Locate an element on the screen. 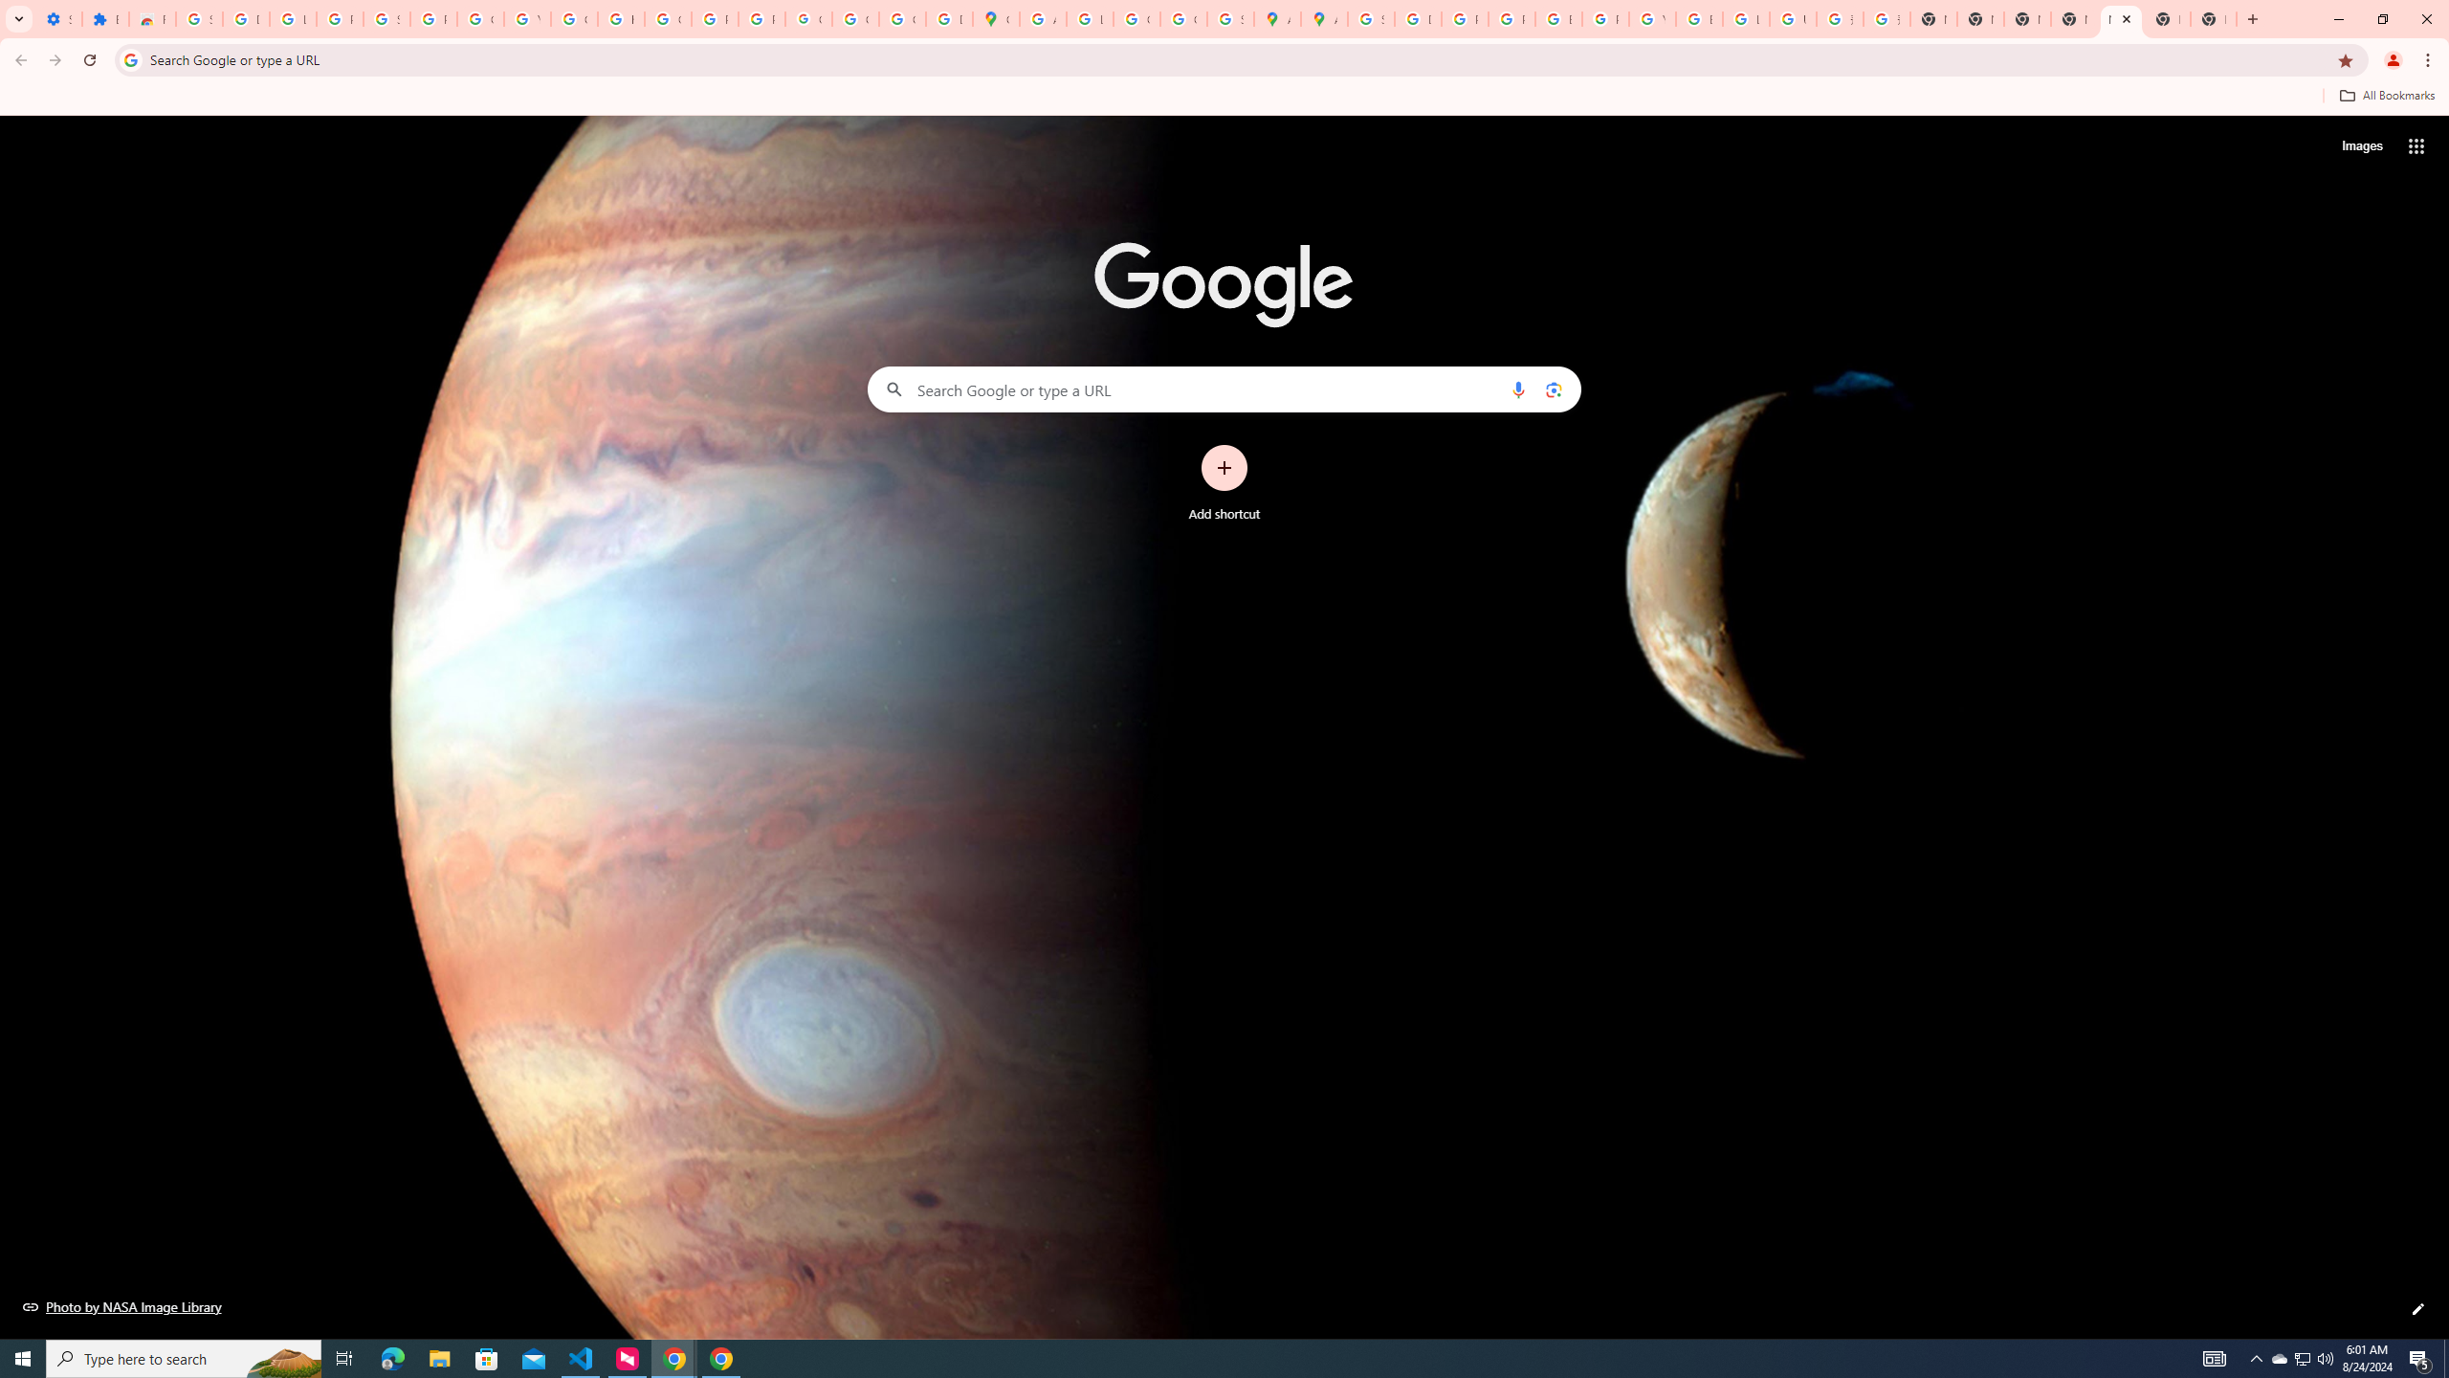  'Settings - On startup' is located at coordinates (58, 18).